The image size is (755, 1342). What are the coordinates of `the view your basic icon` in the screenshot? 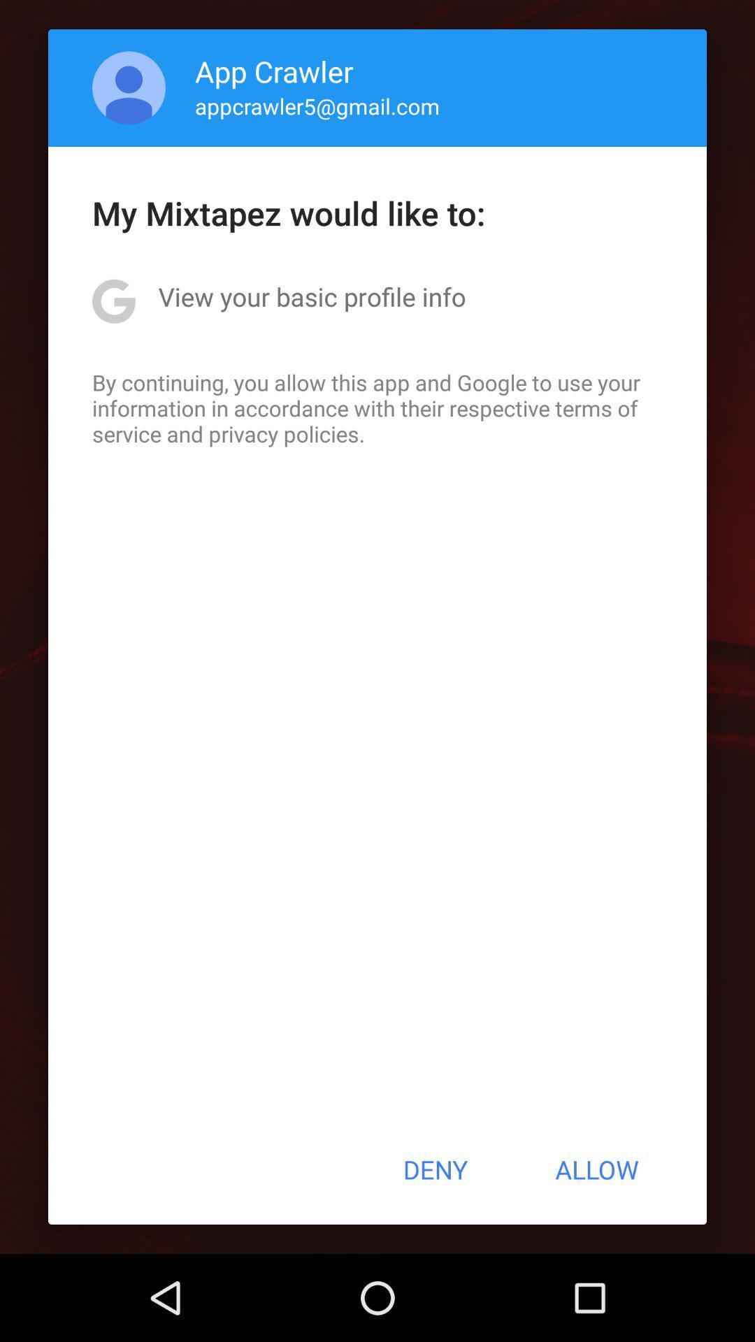 It's located at (311, 296).